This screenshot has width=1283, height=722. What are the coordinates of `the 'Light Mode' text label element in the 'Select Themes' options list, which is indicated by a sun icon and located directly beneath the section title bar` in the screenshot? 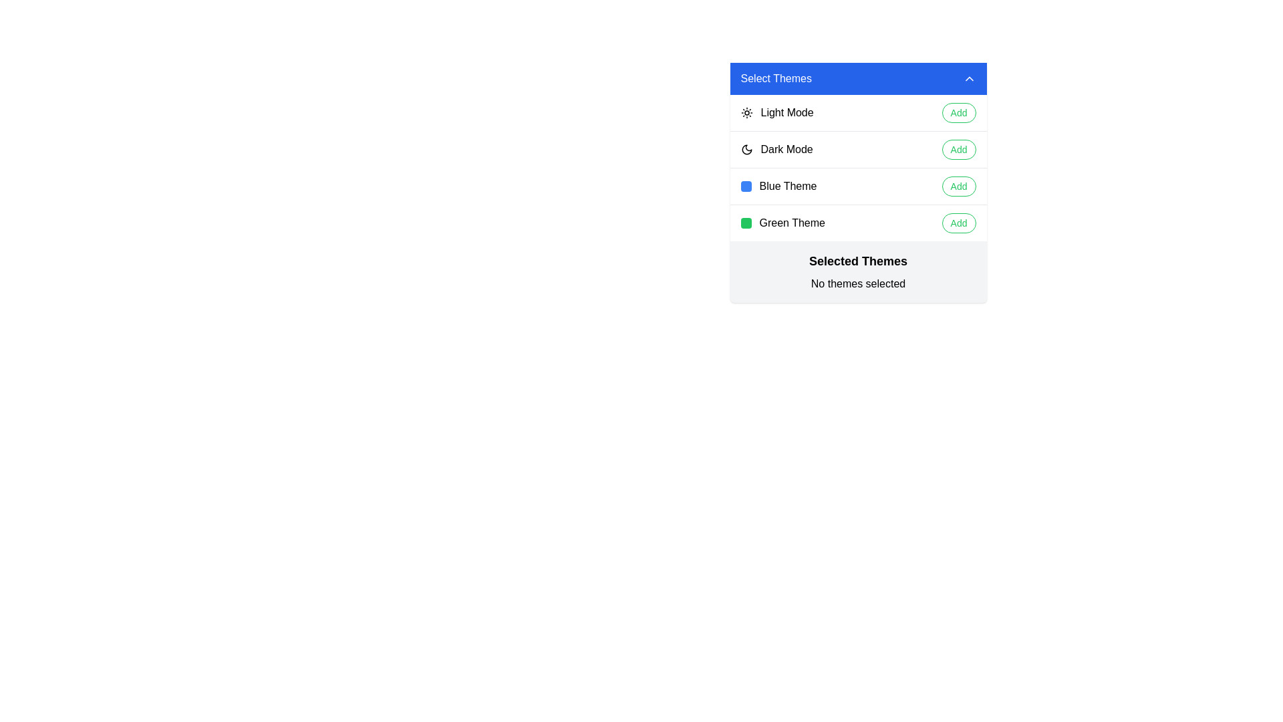 It's located at (787, 112).